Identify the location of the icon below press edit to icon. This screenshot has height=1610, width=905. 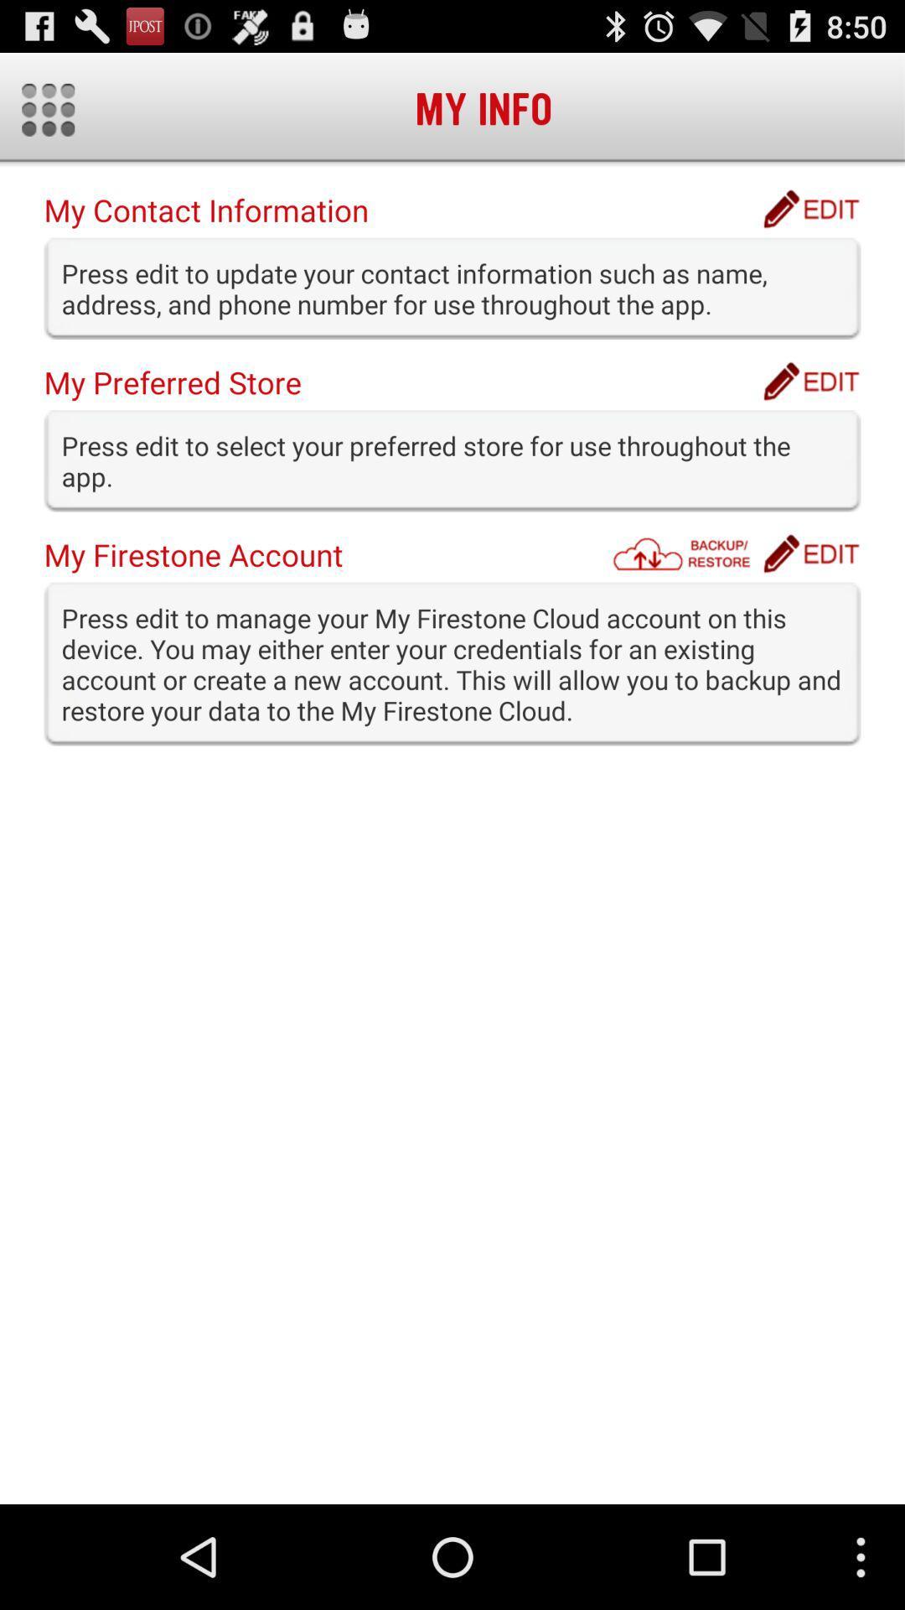
(810, 553).